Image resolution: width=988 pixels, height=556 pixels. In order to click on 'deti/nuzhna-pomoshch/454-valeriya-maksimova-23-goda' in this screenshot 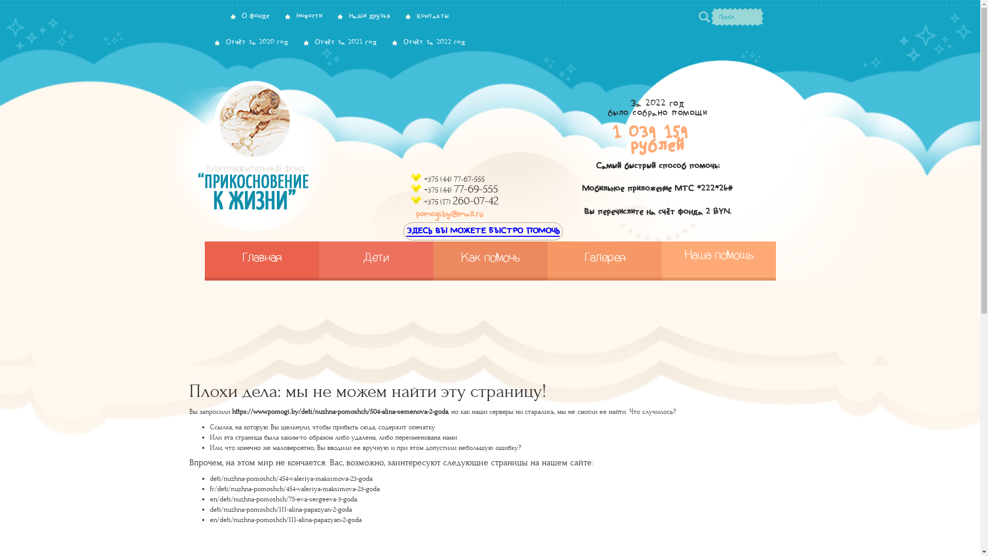, I will do `click(209, 478)`.